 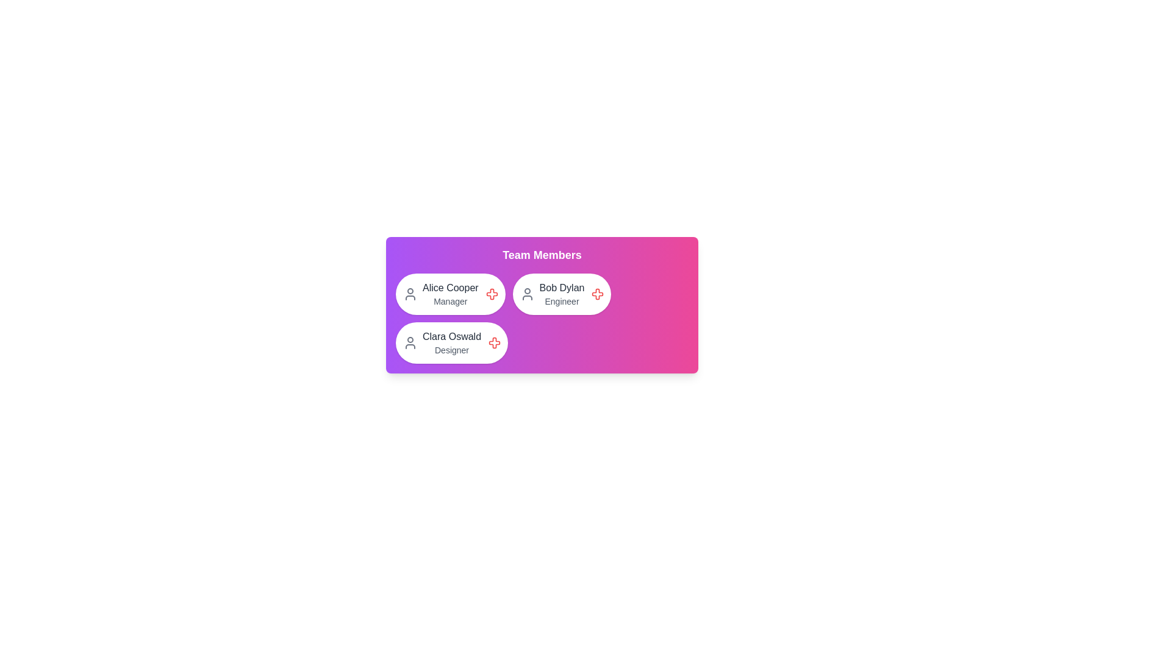 I want to click on the close button of the avatar chip corresponding to Bob Dylan, so click(x=598, y=294).